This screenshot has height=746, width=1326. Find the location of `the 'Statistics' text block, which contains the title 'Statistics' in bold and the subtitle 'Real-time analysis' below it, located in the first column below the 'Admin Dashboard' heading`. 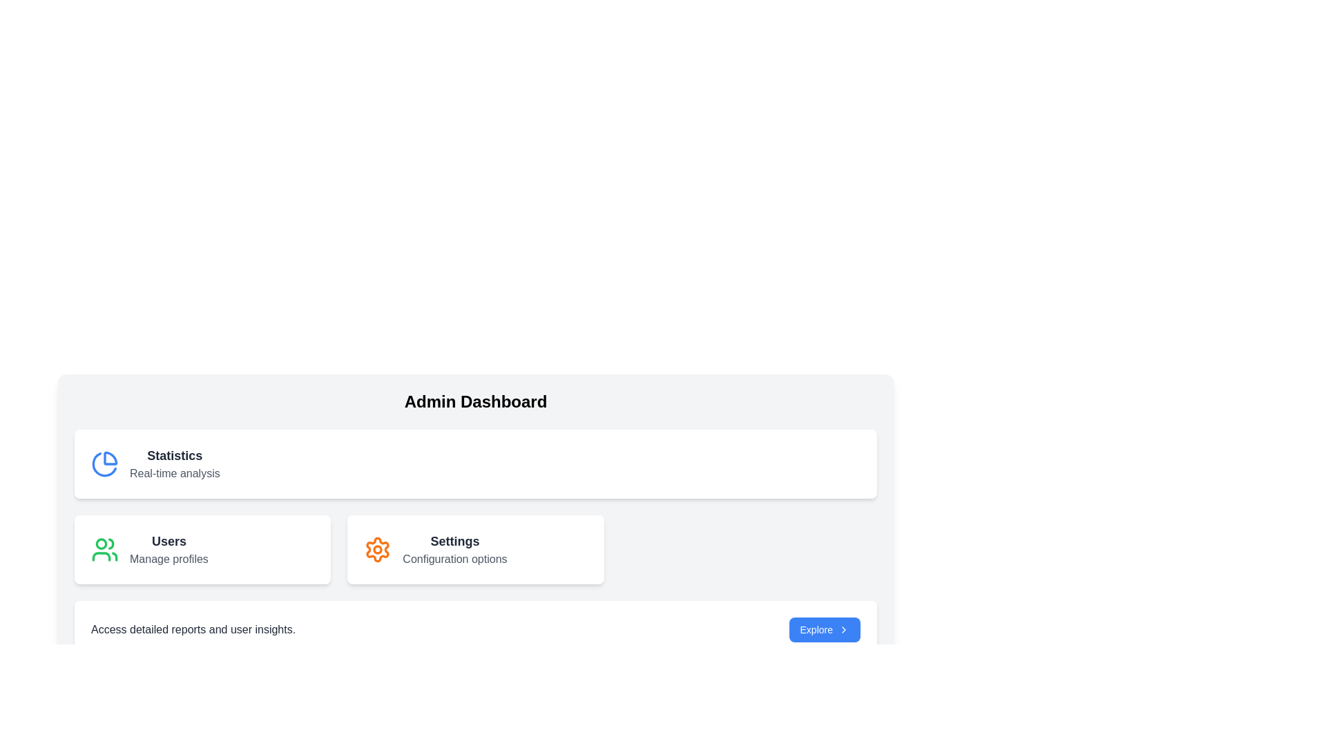

the 'Statistics' text block, which contains the title 'Statistics' in bold and the subtitle 'Real-time analysis' below it, located in the first column below the 'Admin Dashboard' heading is located at coordinates (174, 463).